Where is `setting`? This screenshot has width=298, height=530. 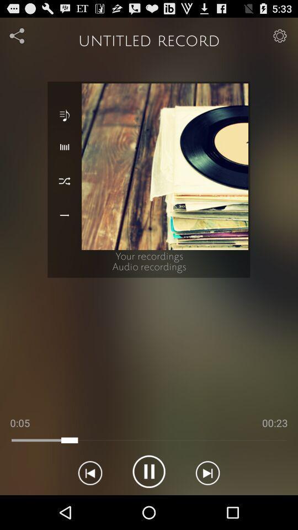 setting is located at coordinates (17, 35).